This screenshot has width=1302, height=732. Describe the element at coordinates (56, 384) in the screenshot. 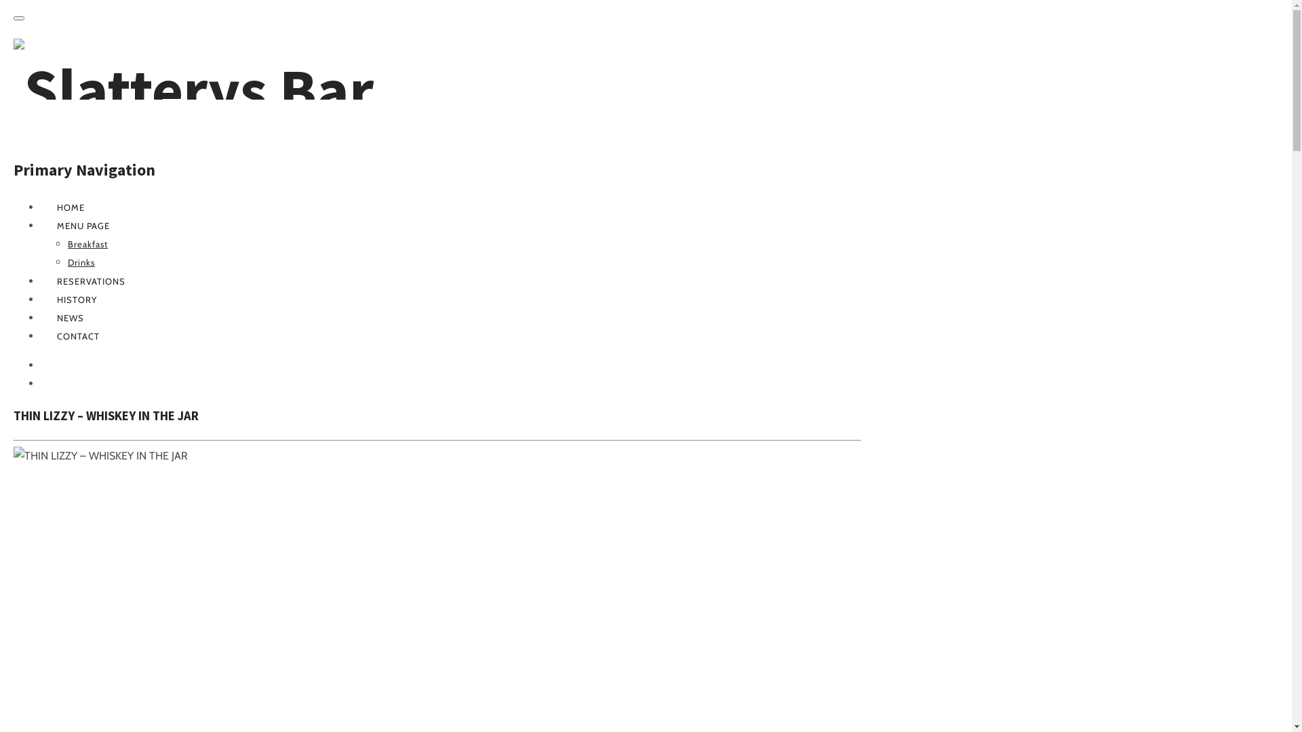

I see `'PRIVACY POLICY'` at that location.